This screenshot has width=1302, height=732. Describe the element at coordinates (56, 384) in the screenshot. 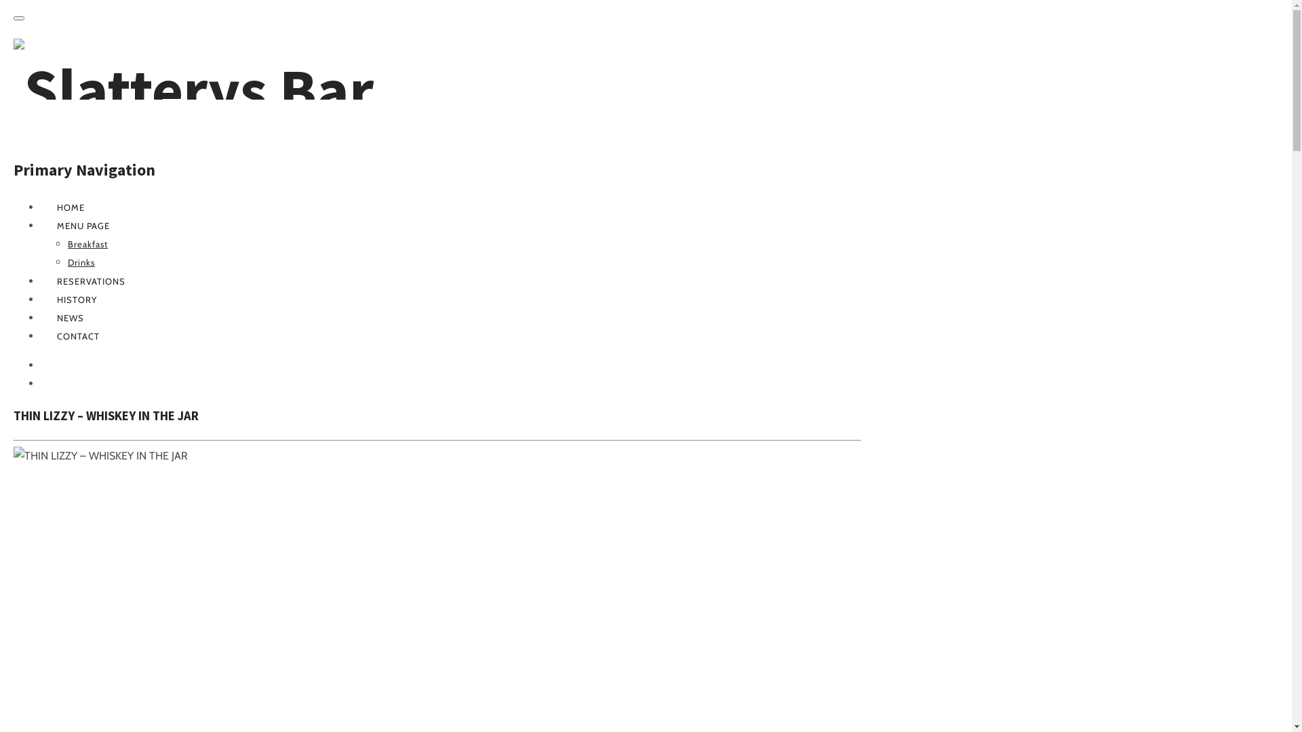

I see `'PRIVACY POLICY'` at that location.